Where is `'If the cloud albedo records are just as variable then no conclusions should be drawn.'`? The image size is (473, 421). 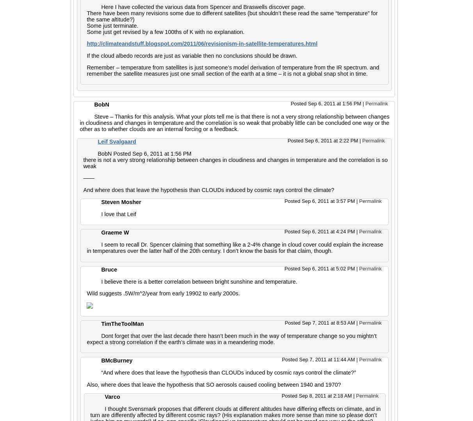
'If the cloud albedo records are just as variable then no conclusions should be drawn.' is located at coordinates (191, 55).